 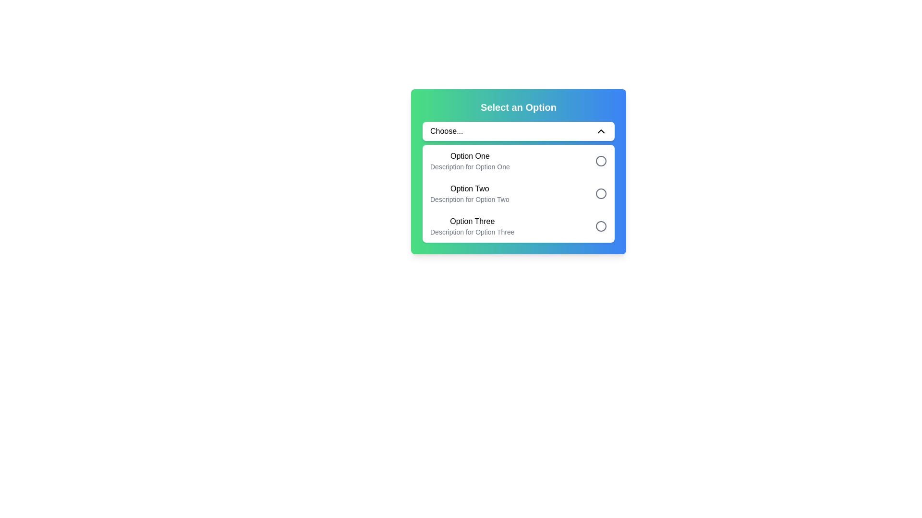 I want to click on the selectable list item with a radio button for 'Option Two', so click(x=518, y=194).